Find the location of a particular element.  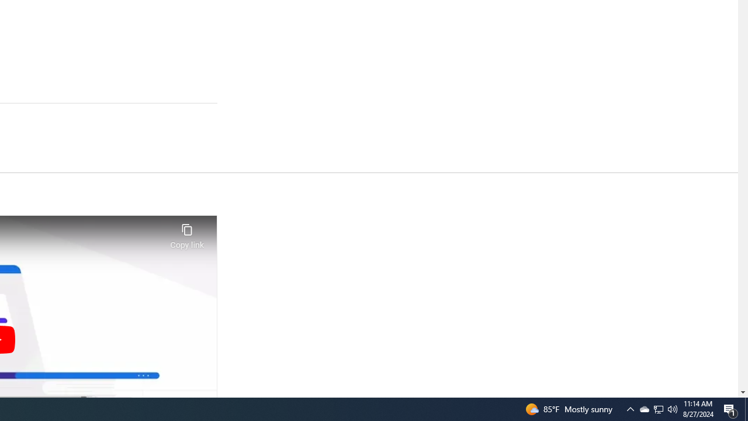

'Copy link' is located at coordinates (187, 233).